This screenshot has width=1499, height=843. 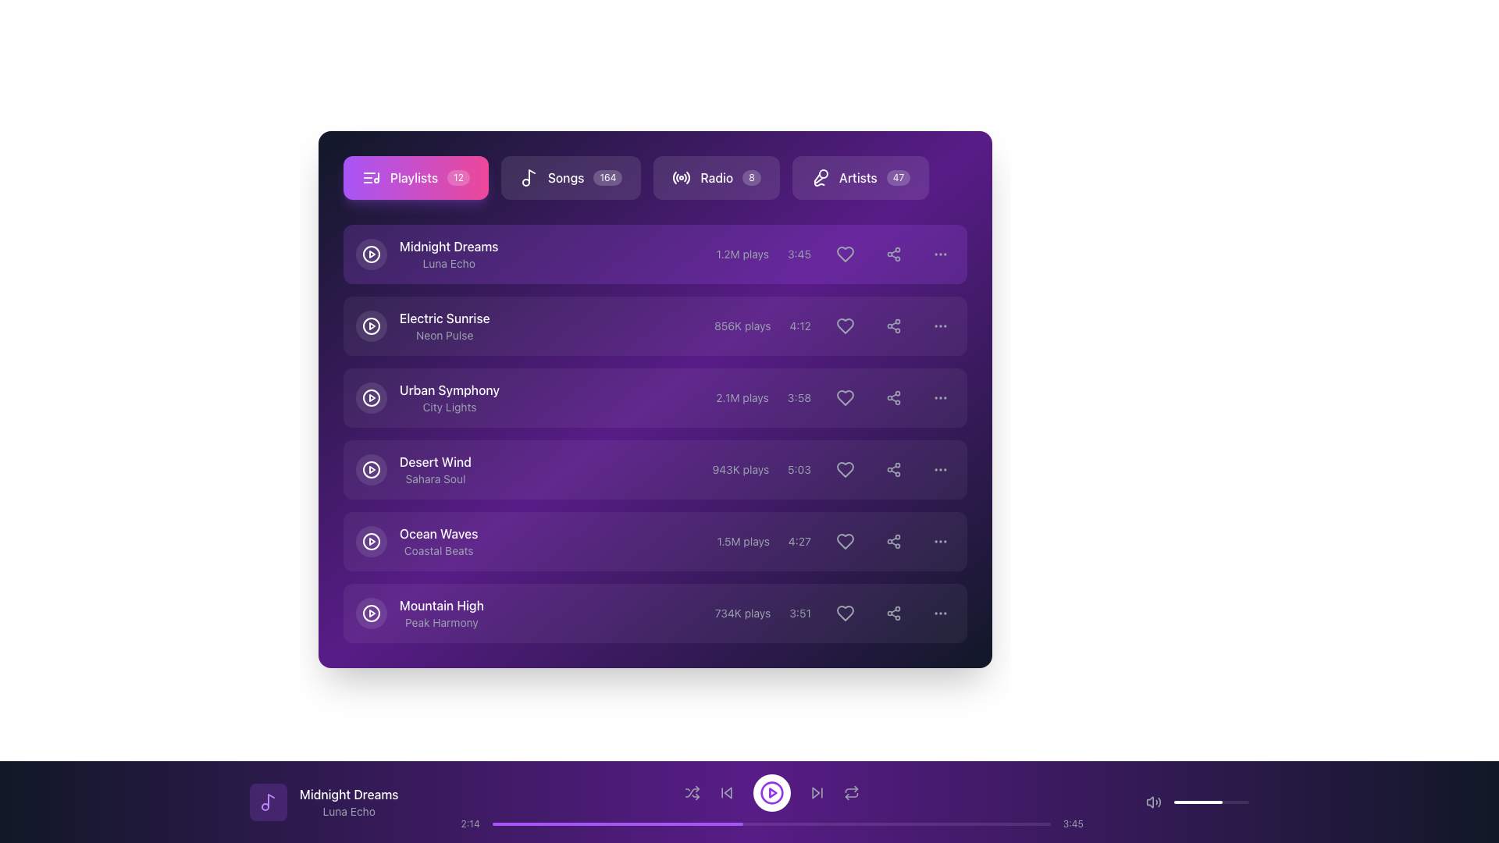 I want to click on the heart icon next to the song 'Electric Sunrise' in the playlist panel, so click(x=845, y=325).